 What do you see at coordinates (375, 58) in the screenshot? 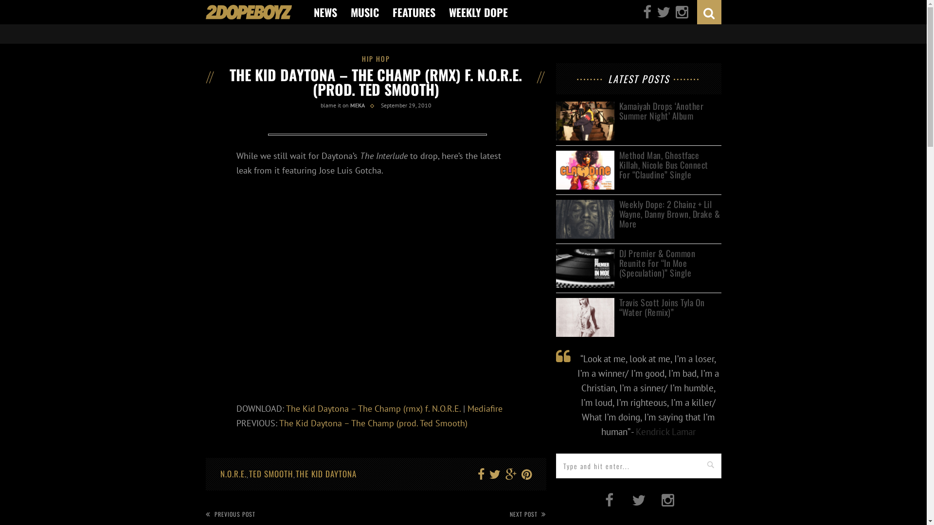
I see `'HIP HOP'` at bounding box center [375, 58].